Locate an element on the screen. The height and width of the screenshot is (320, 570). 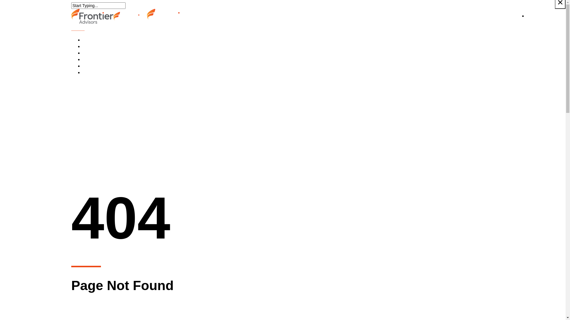
'Technology' is located at coordinates (102, 66).